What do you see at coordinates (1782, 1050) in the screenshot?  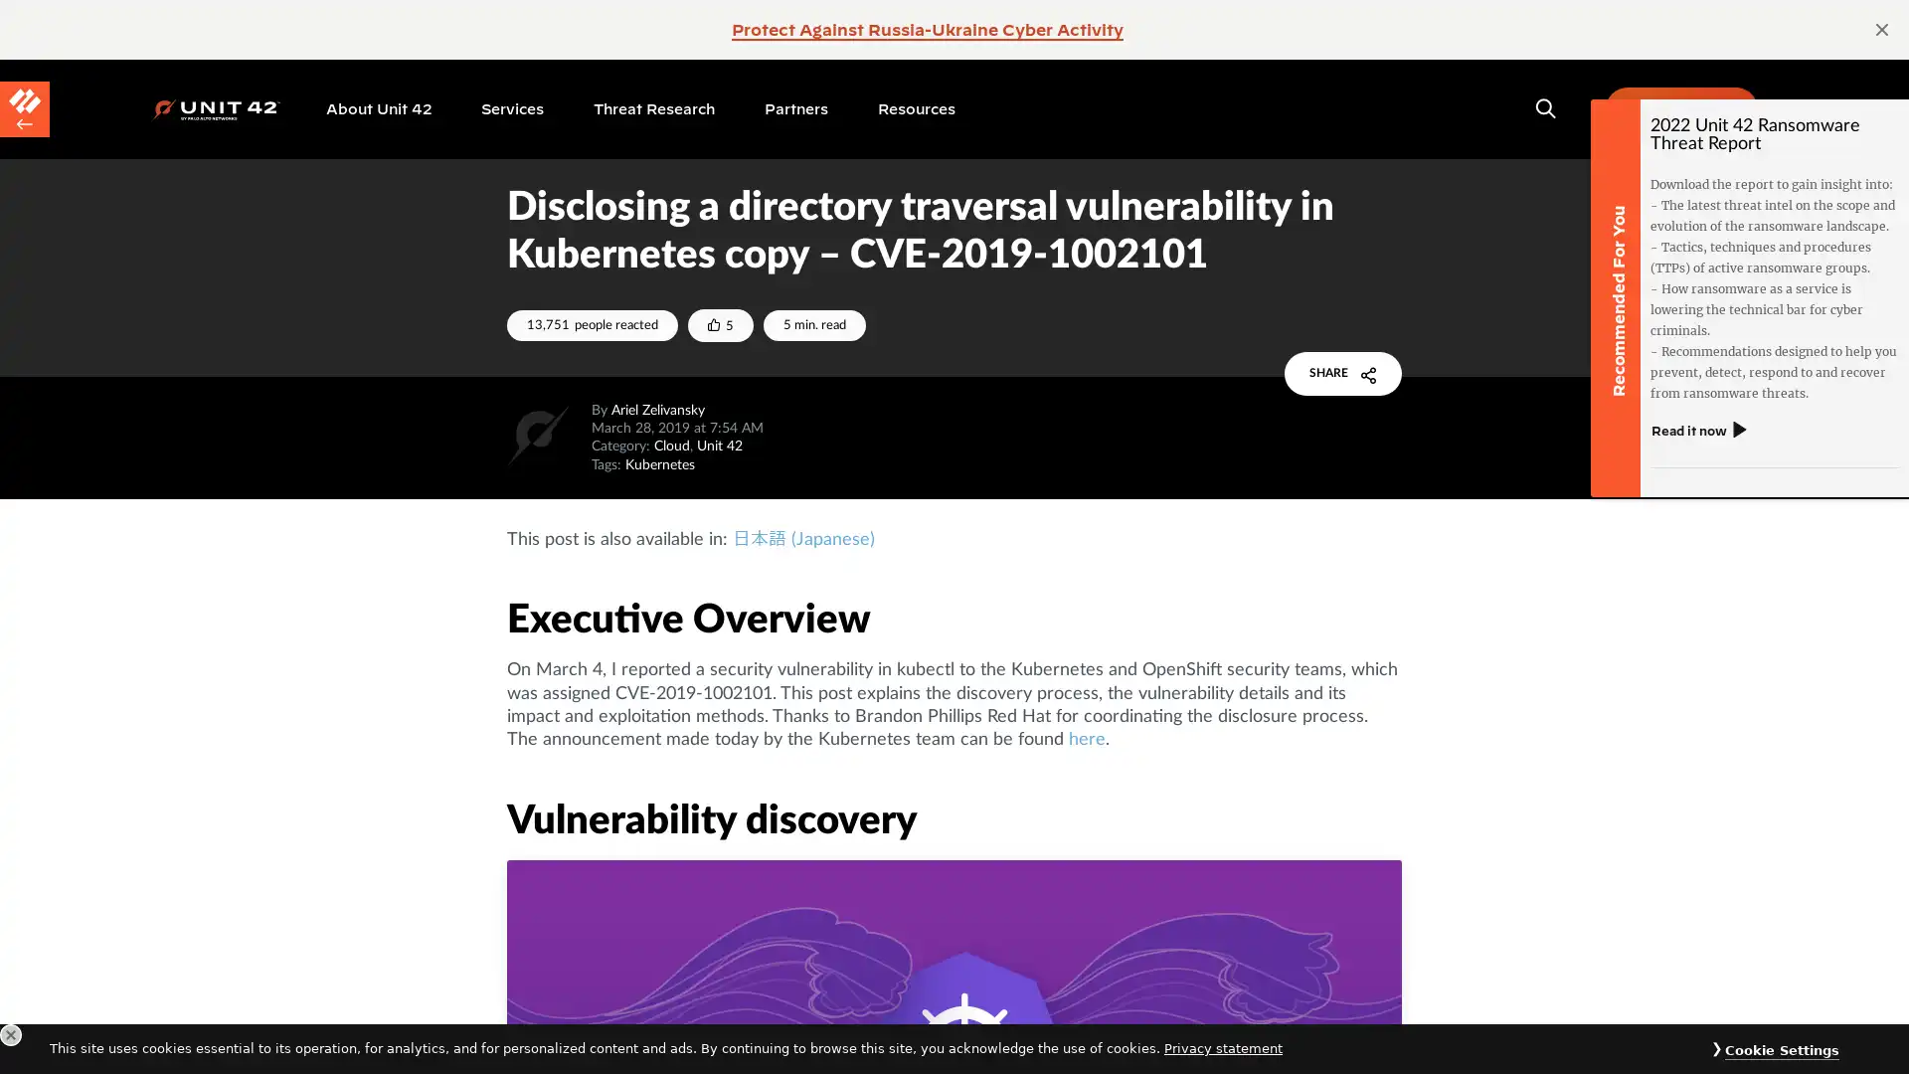 I see `Cookie Settings` at bounding box center [1782, 1050].